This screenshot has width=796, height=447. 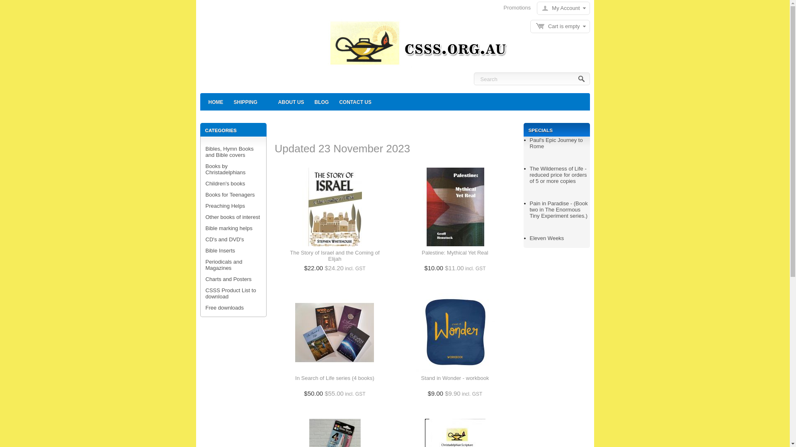 I want to click on 'CD's and DVD's', so click(x=225, y=239).